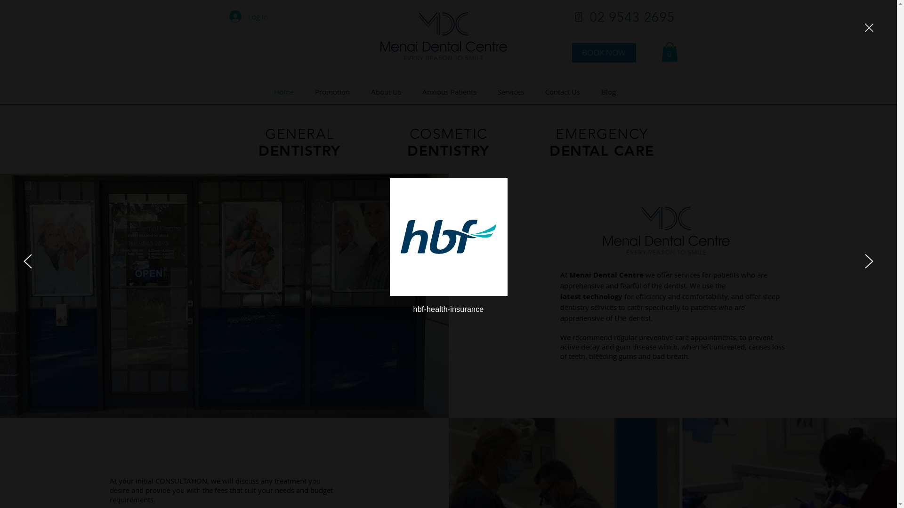 The image size is (904, 508). I want to click on 'Log In', so click(248, 16).